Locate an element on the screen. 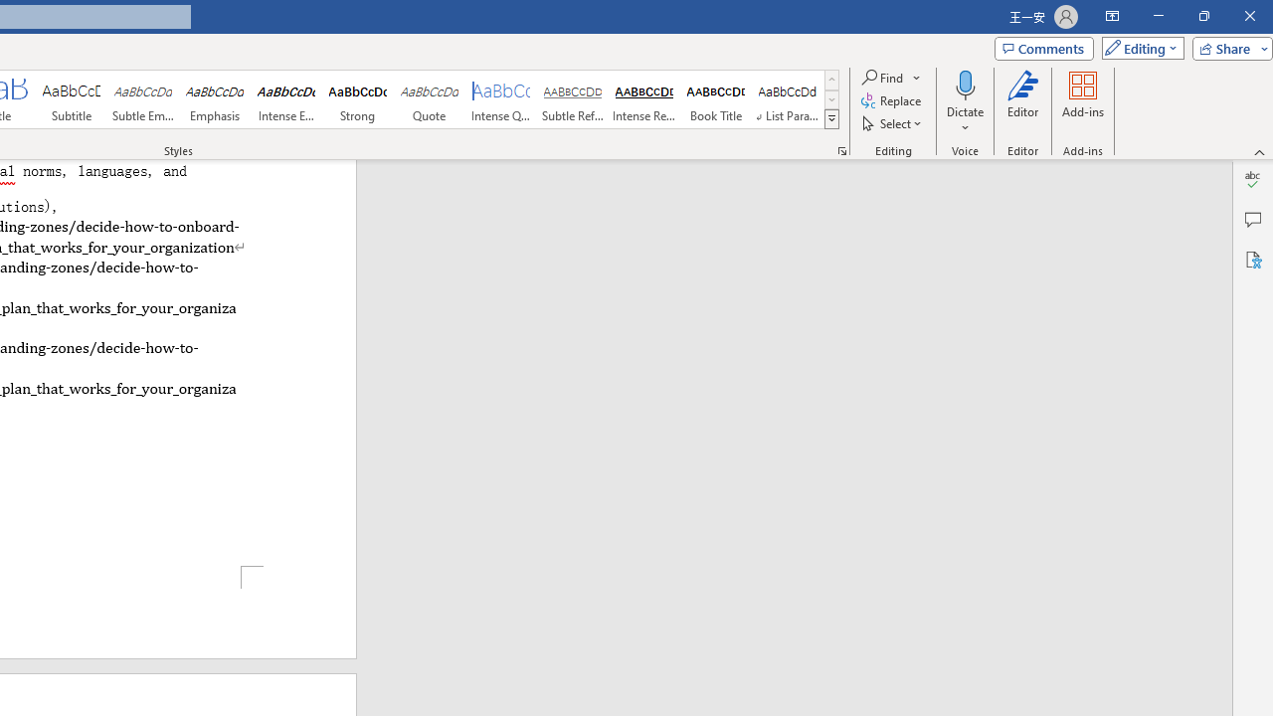  'Styles...' is located at coordinates (841, 149).